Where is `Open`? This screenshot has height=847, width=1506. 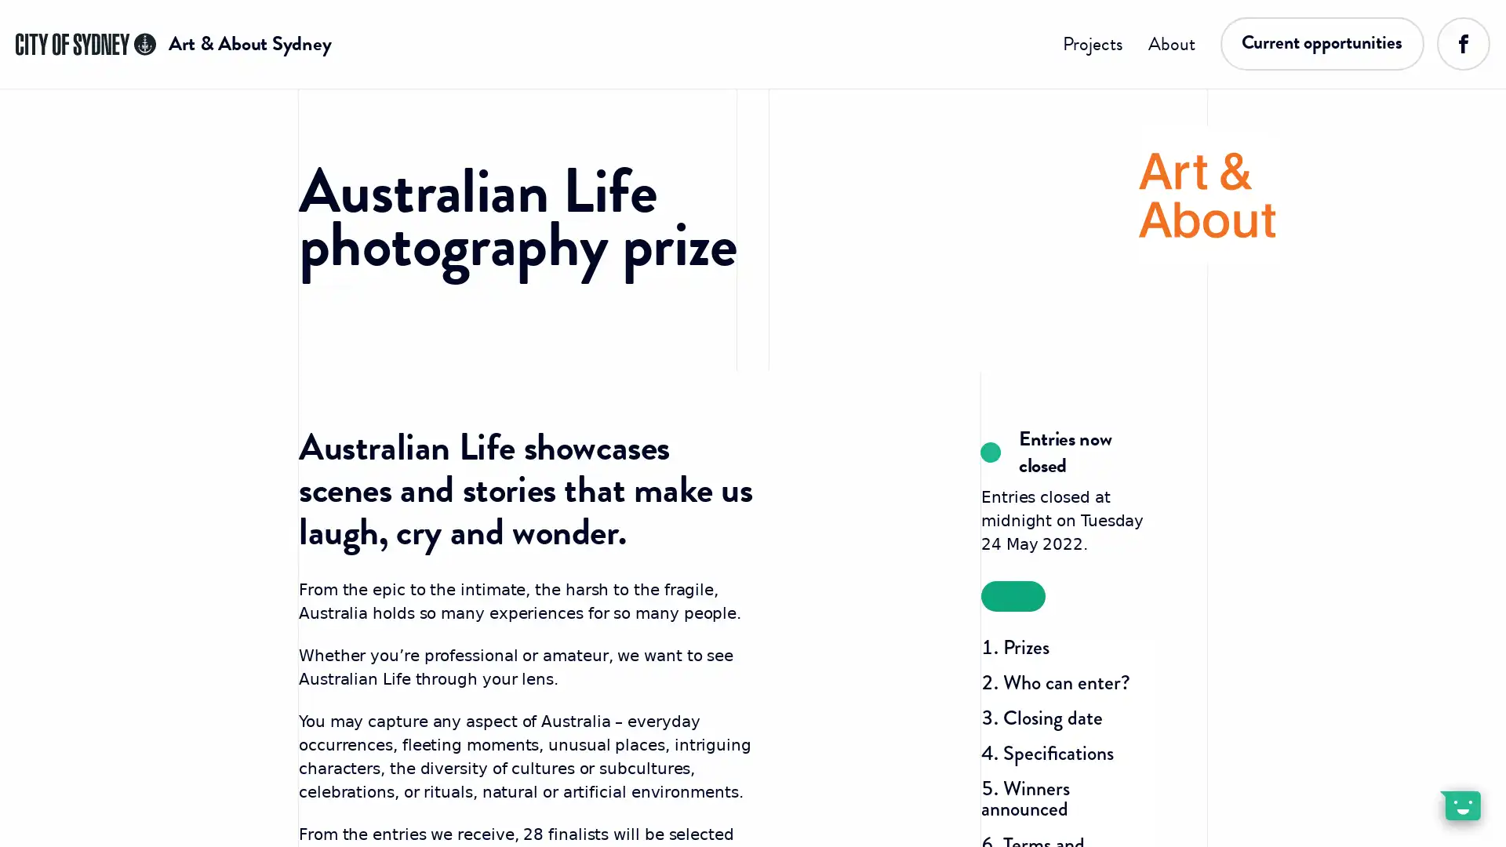 Open is located at coordinates (1459, 805).